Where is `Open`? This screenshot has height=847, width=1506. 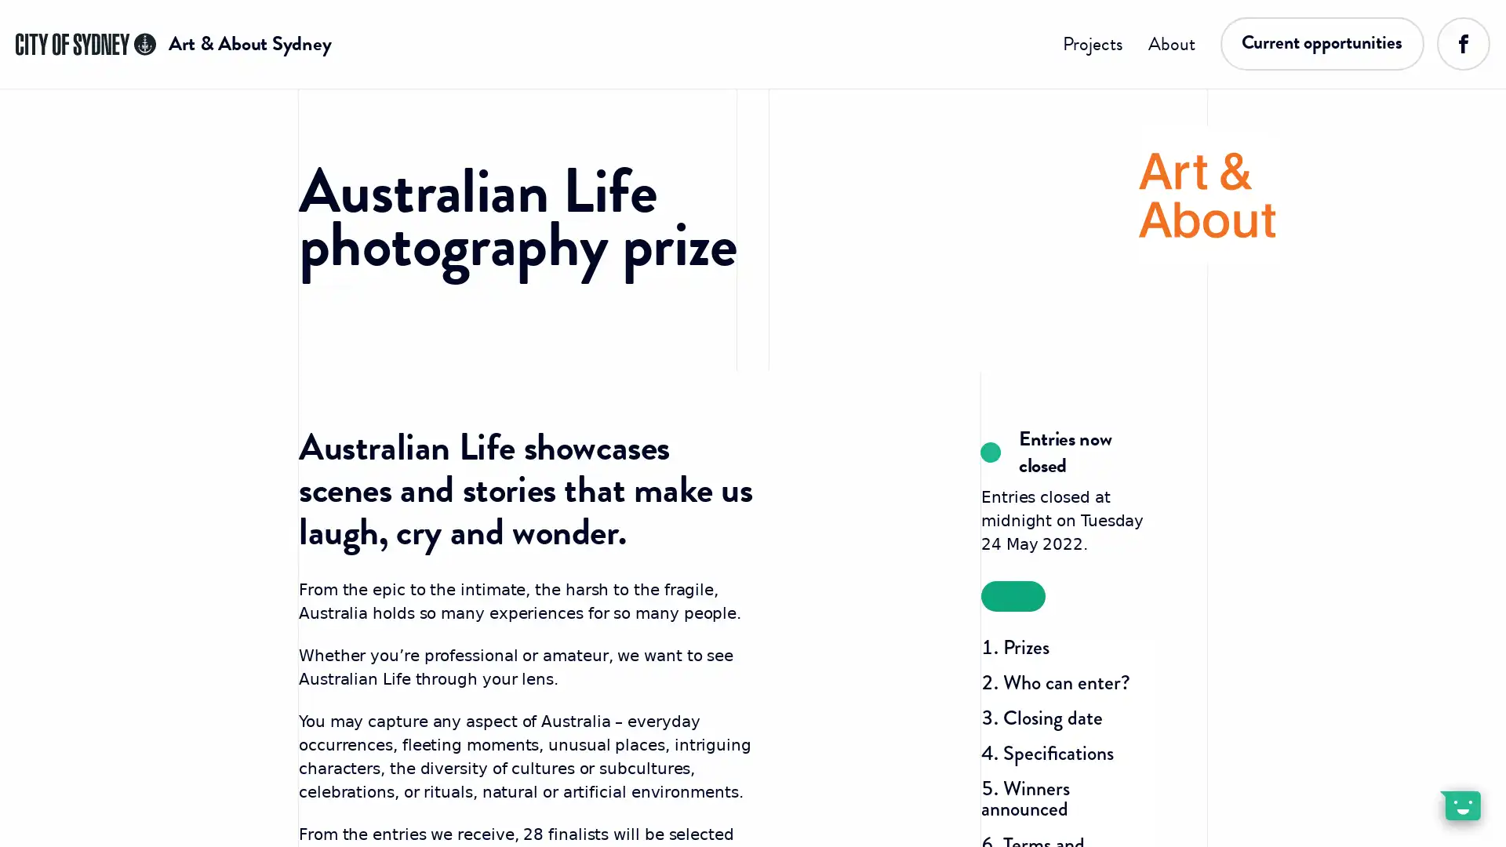 Open is located at coordinates (1459, 805).